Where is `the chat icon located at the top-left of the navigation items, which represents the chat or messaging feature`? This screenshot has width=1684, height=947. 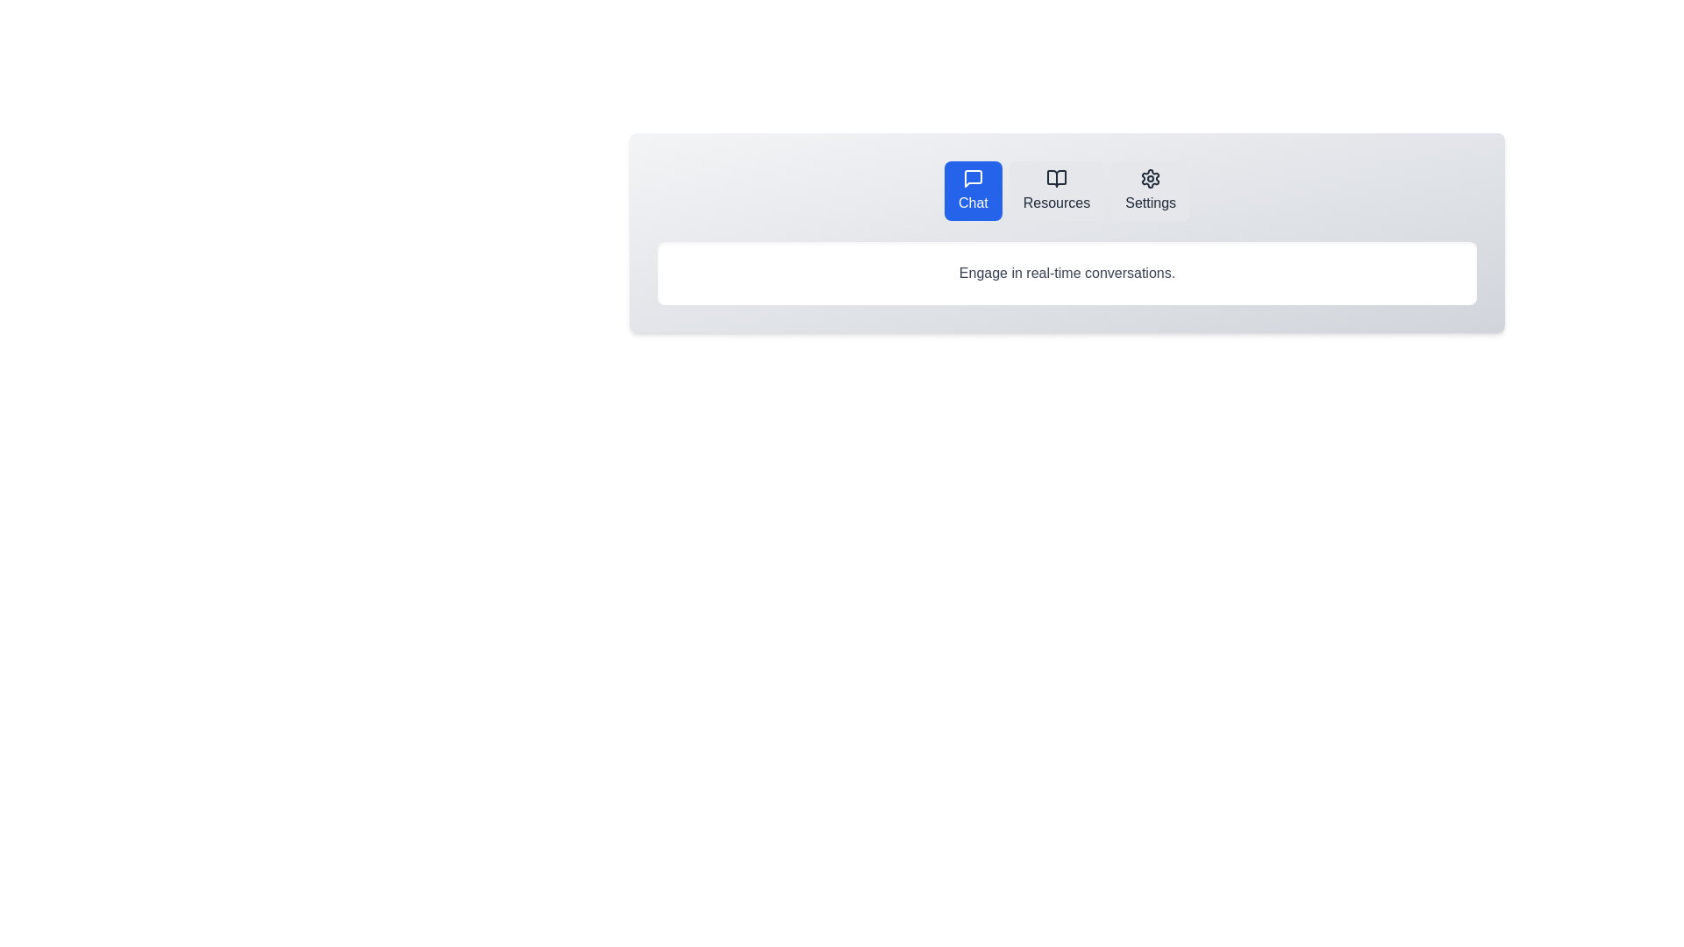 the chat icon located at the top-left of the navigation items, which represents the chat or messaging feature is located at coordinates (972, 179).